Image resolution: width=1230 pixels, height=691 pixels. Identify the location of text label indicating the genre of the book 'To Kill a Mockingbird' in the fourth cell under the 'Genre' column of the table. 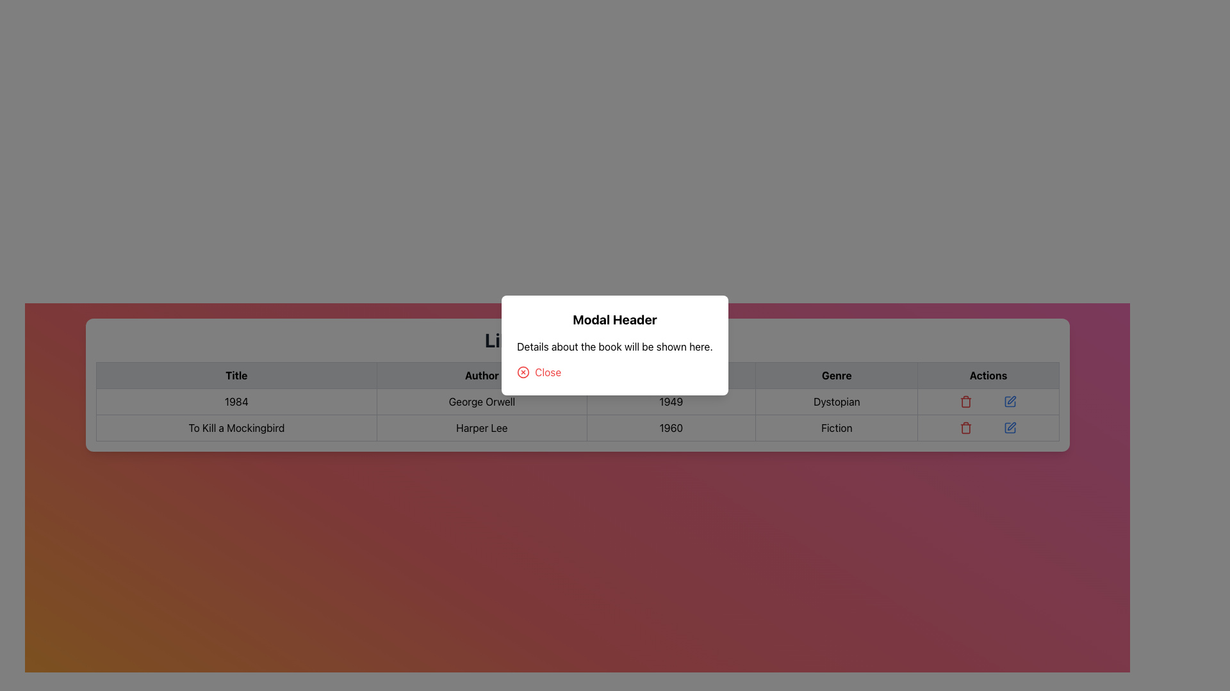
(837, 427).